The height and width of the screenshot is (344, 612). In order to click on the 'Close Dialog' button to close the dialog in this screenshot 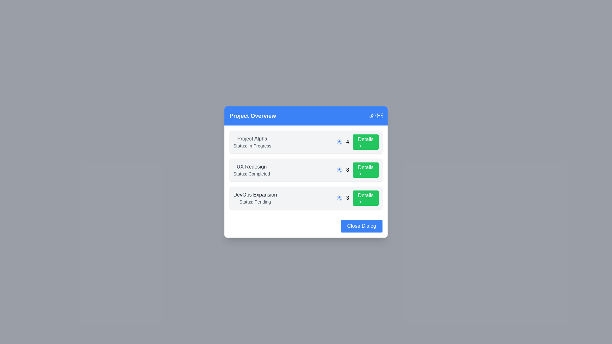, I will do `click(361, 226)`.